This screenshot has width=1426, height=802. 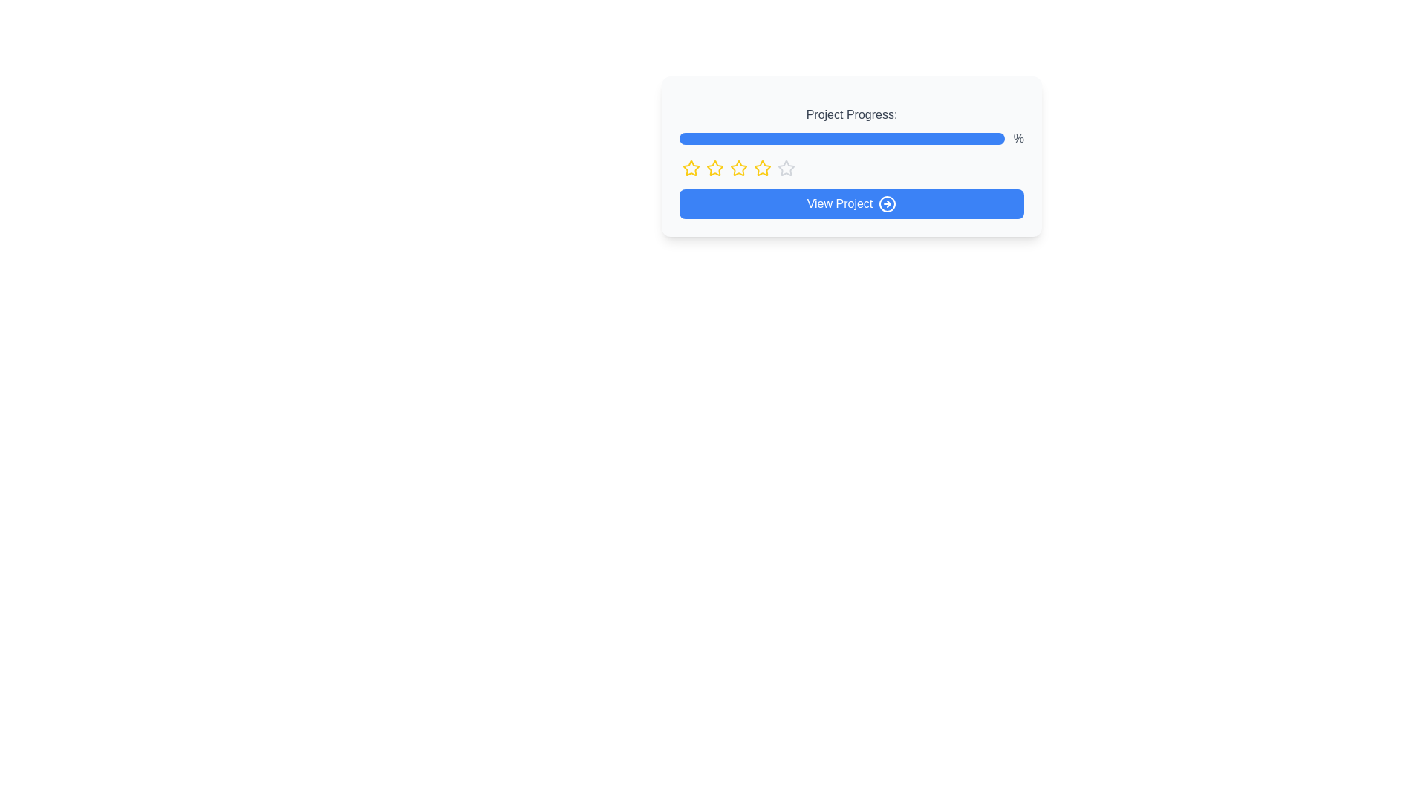 I want to click on the horizontal progress bar that is light gray with a blue segment, located below the text 'Project Progress:' and to the left of the '%' indicator, so click(x=841, y=138).